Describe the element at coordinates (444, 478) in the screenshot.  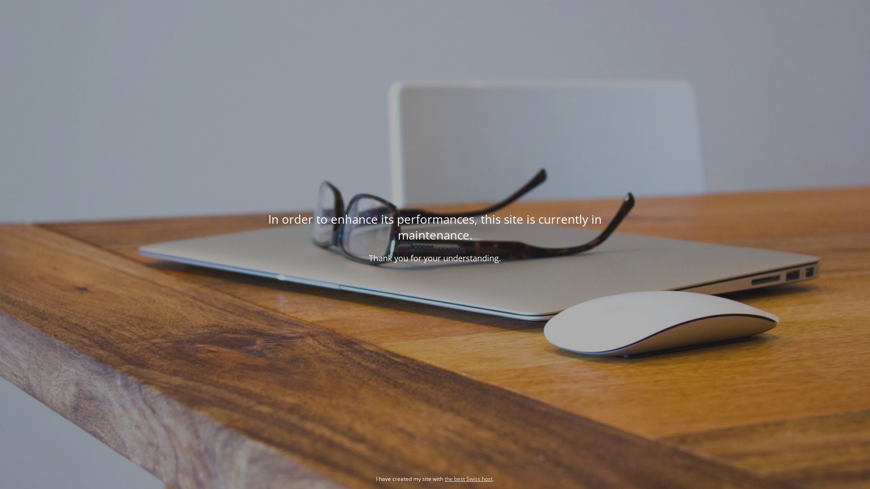
I see `'the best Swiss host'` at that location.